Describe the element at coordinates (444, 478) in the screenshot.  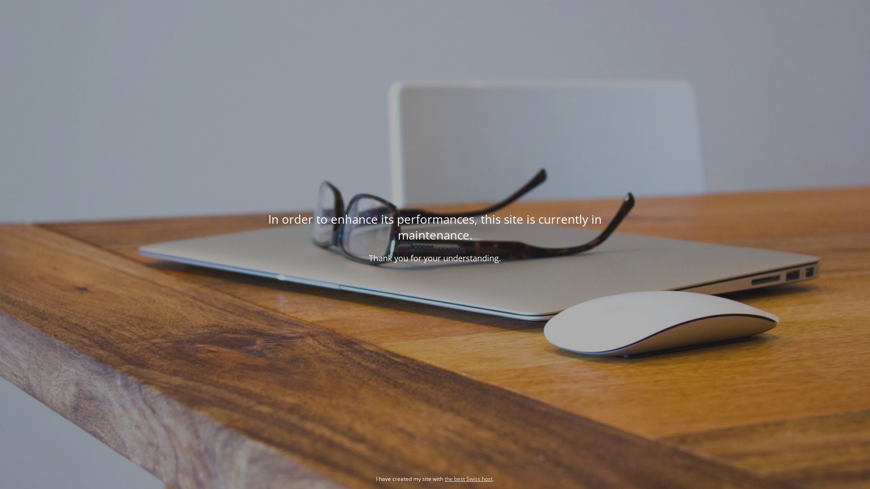
I see `'the best Swiss host'` at that location.